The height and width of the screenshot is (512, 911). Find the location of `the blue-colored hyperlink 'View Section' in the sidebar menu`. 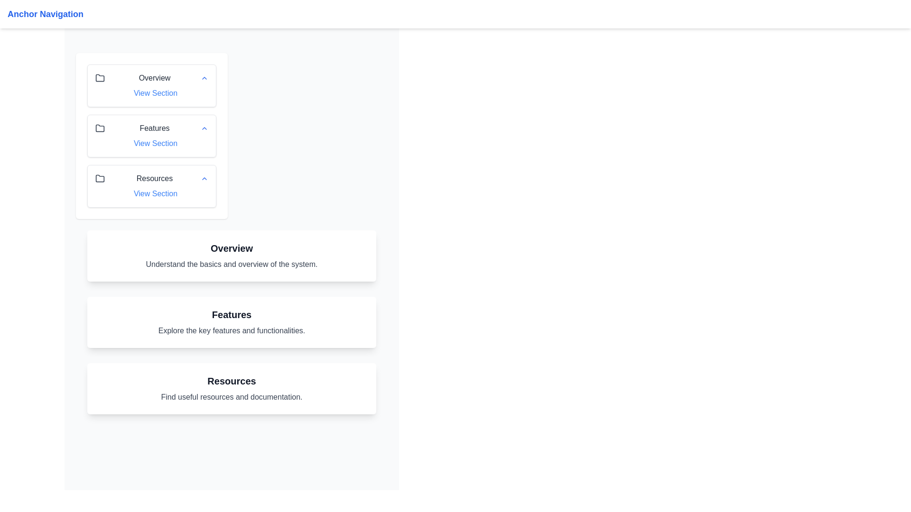

the blue-colored hyperlink 'View Section' in the sidebar menu is located at coordinates (155, 144).